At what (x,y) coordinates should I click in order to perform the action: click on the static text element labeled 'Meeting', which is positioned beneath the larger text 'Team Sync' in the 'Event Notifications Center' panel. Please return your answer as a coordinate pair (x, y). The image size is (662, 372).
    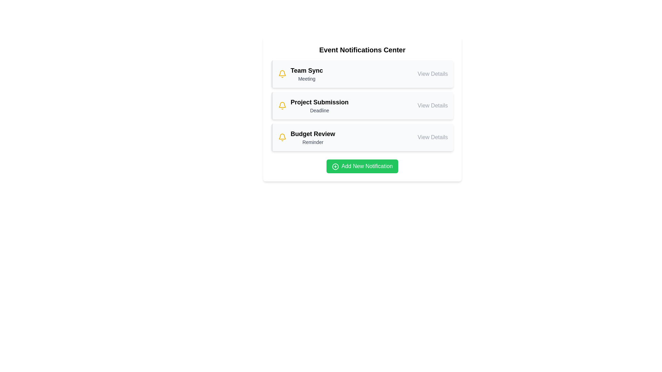
    Looking at the image, I should click on (306, 78).